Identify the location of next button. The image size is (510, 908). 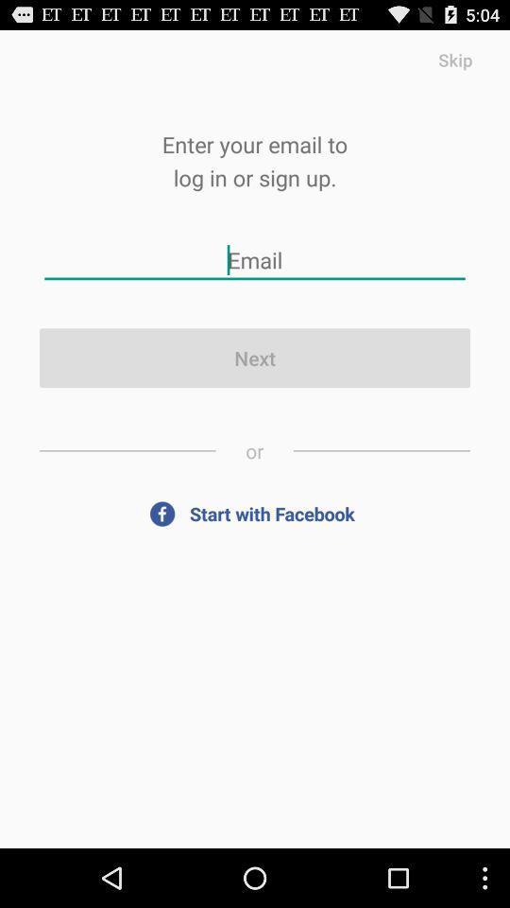
(255, 357).